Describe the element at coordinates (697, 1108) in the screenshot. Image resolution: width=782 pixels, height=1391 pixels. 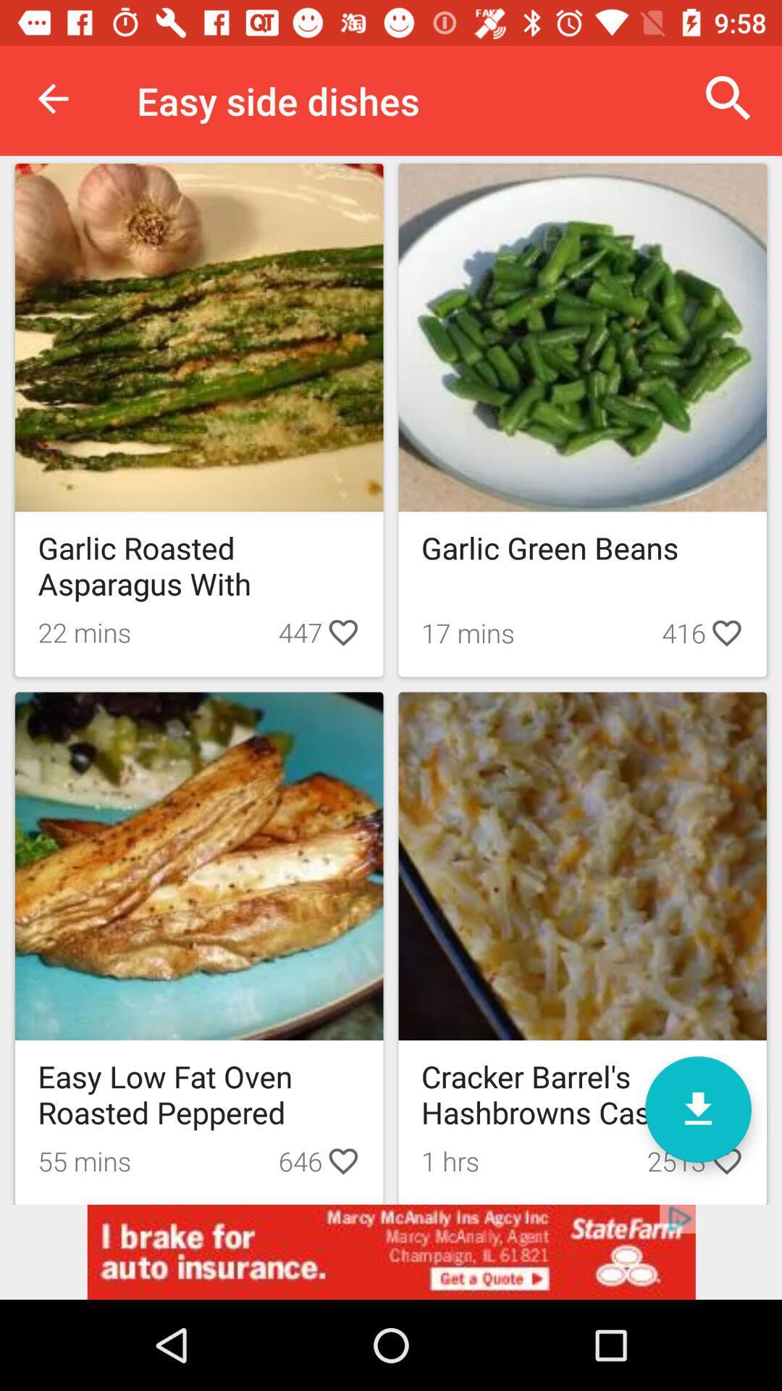
I see `the file_download icon` at that location.